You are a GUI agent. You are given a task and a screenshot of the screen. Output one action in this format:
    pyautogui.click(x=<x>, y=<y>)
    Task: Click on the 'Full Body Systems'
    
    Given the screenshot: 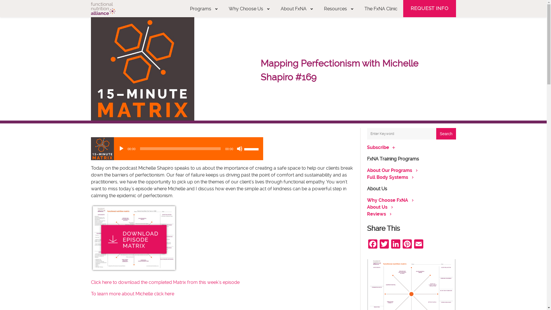 What is the action you would take?
    pyautogui.click(x=387, y=177)
    